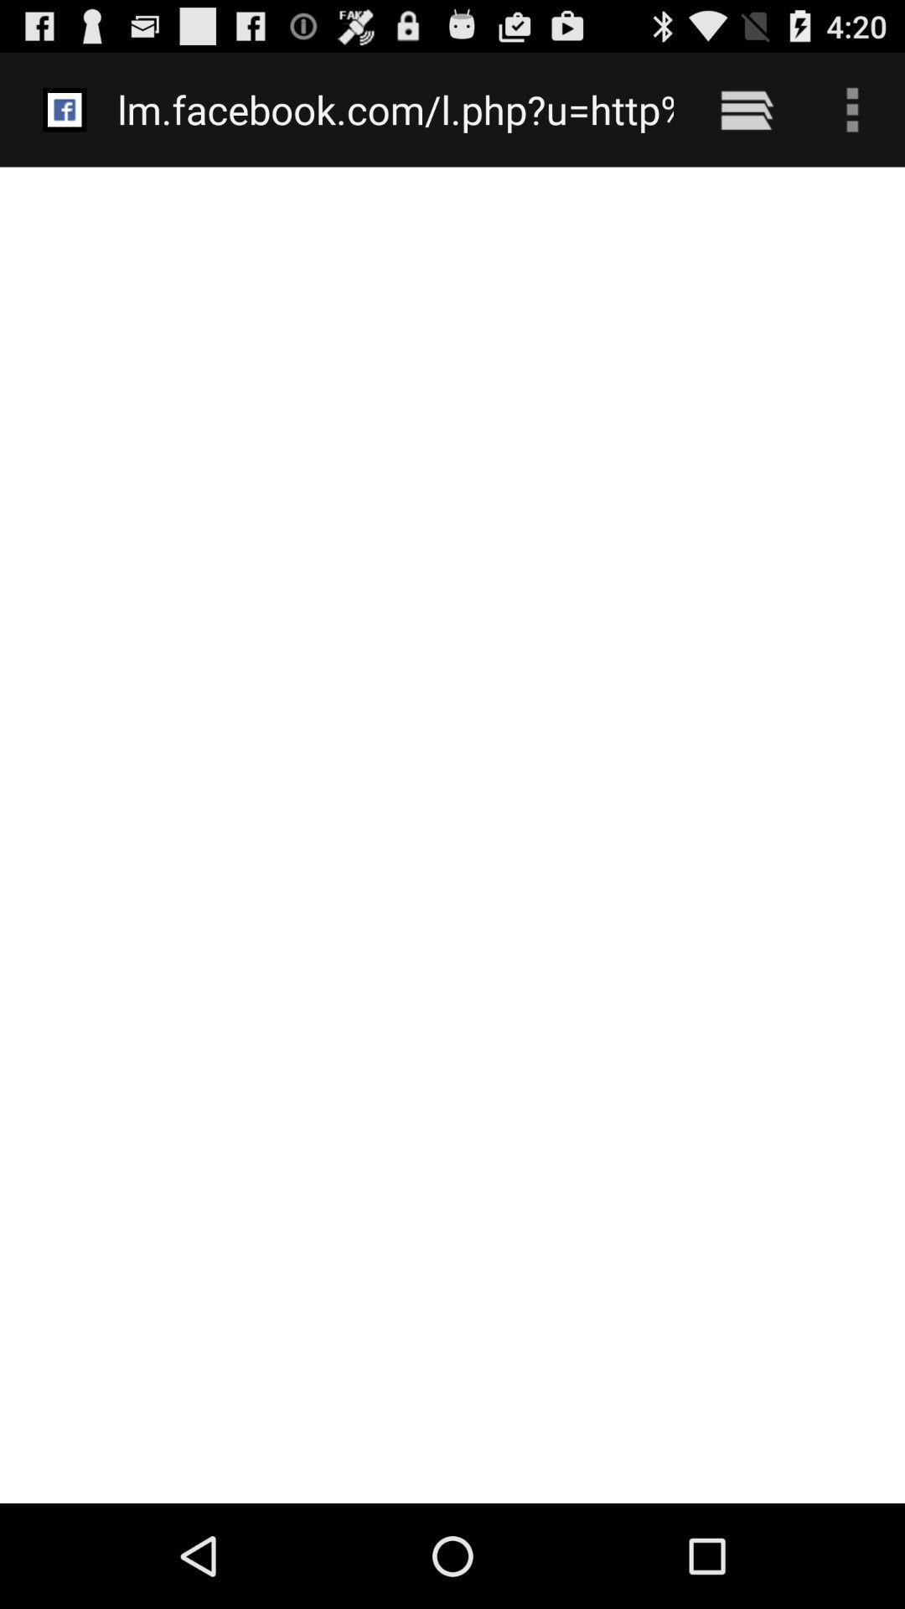 This screenshot has height=1609, width=905. I want to click on the lm facebook com icon, so click(396, 109).